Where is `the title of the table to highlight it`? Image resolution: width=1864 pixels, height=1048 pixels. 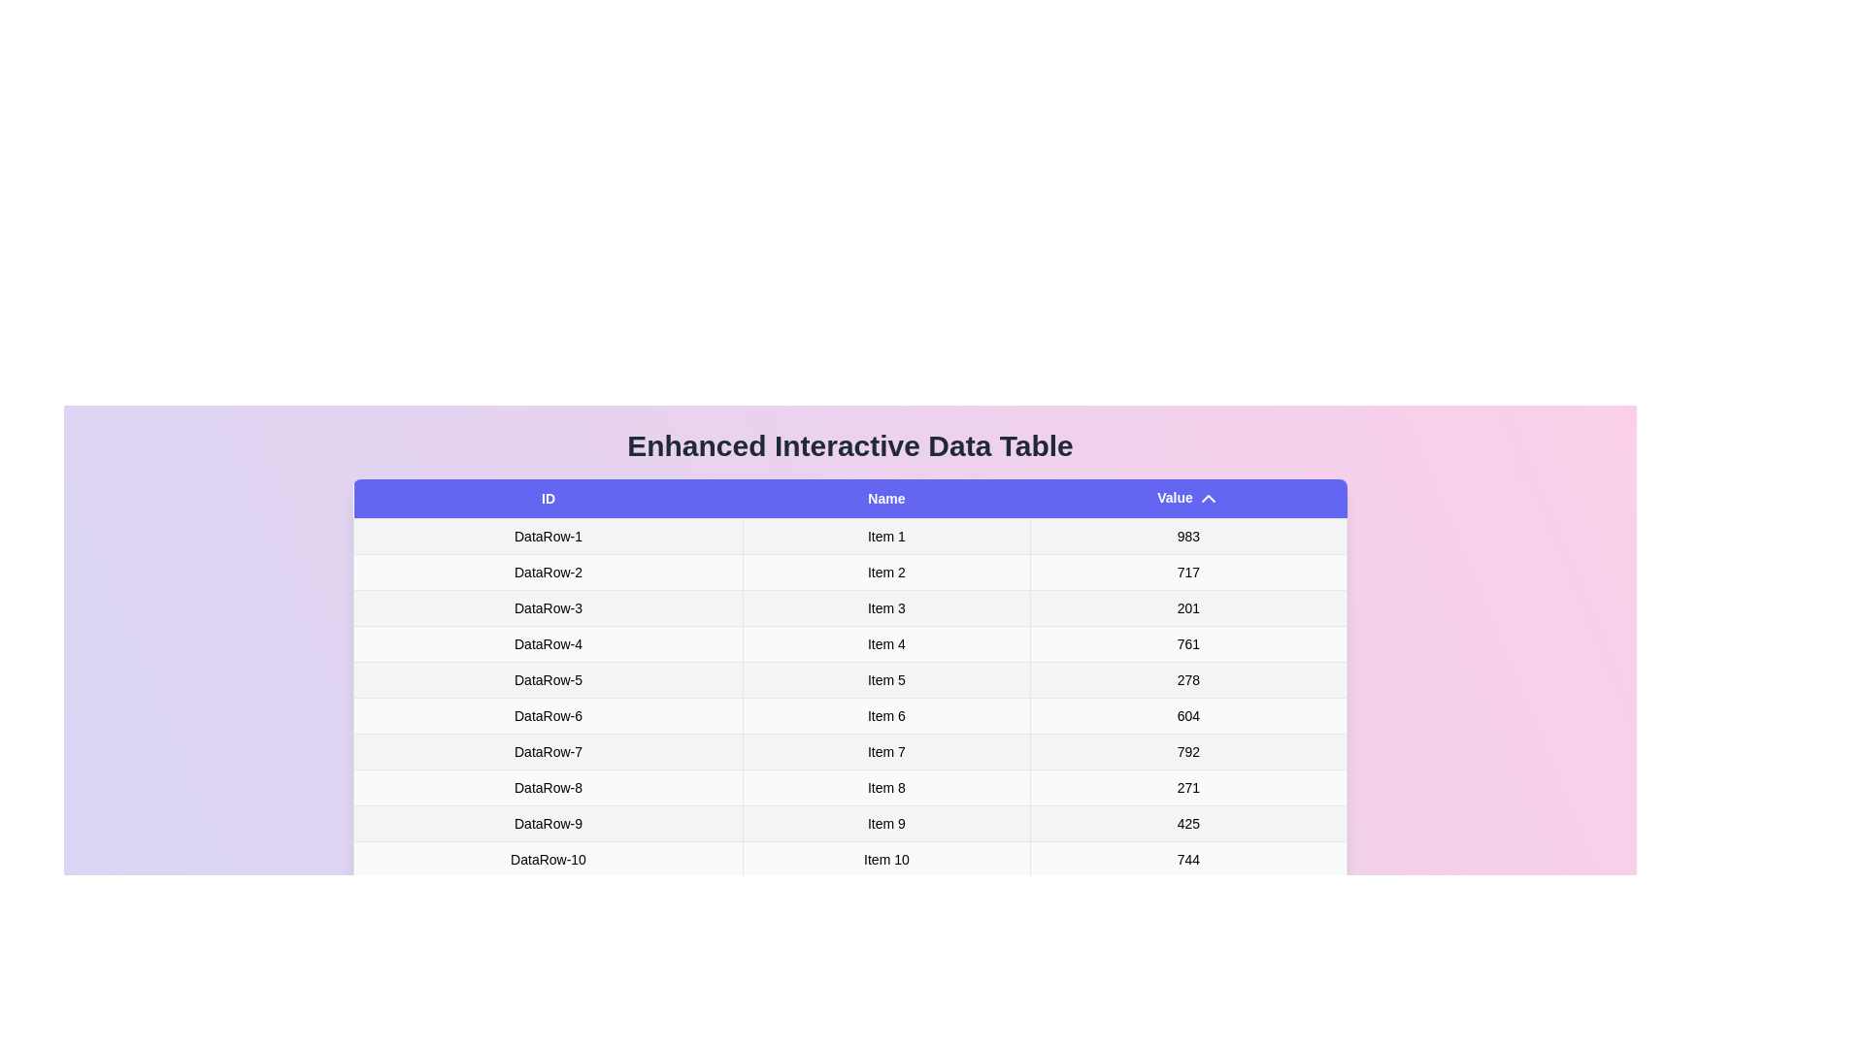 the title of the table to highlight it is located at coordinates (849, 445).